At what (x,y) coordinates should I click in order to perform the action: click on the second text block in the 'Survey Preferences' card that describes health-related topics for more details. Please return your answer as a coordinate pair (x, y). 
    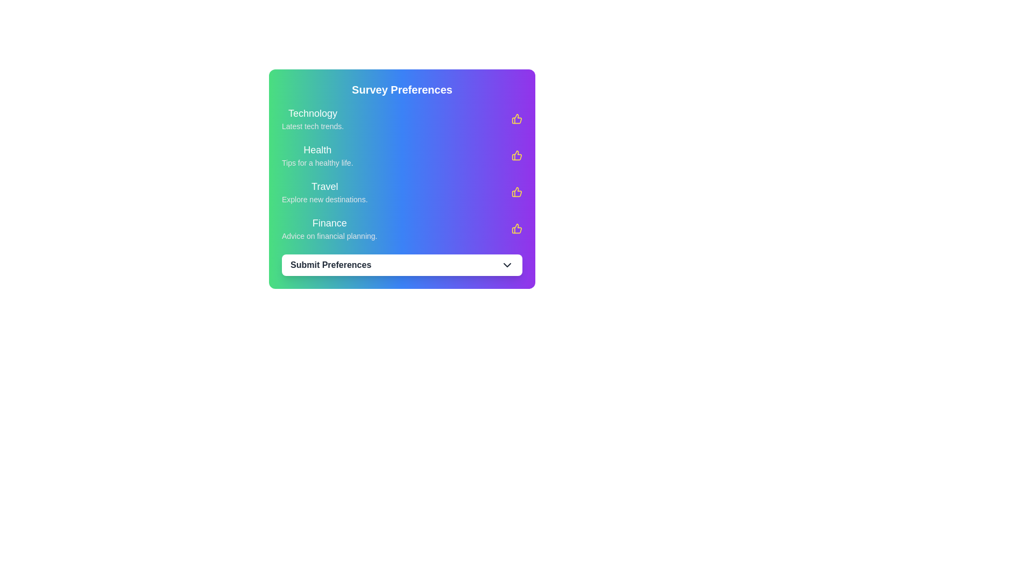
    Looking at the image, I should click on (317, 155).